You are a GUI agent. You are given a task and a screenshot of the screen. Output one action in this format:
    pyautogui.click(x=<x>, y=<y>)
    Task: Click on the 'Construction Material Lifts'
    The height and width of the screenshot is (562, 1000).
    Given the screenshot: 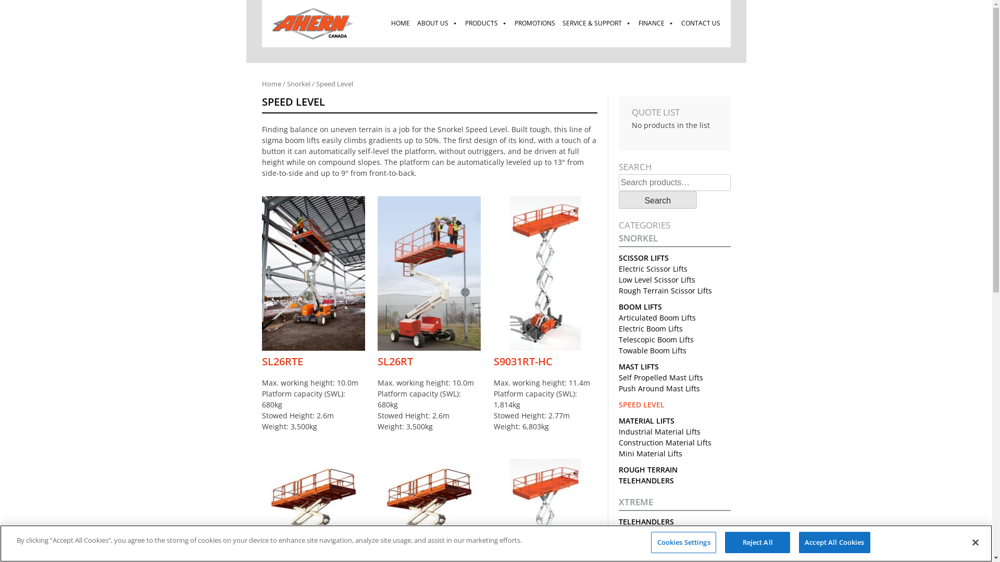 What is the action you would take?
    pyautogui.click(x=664, y=442)
    